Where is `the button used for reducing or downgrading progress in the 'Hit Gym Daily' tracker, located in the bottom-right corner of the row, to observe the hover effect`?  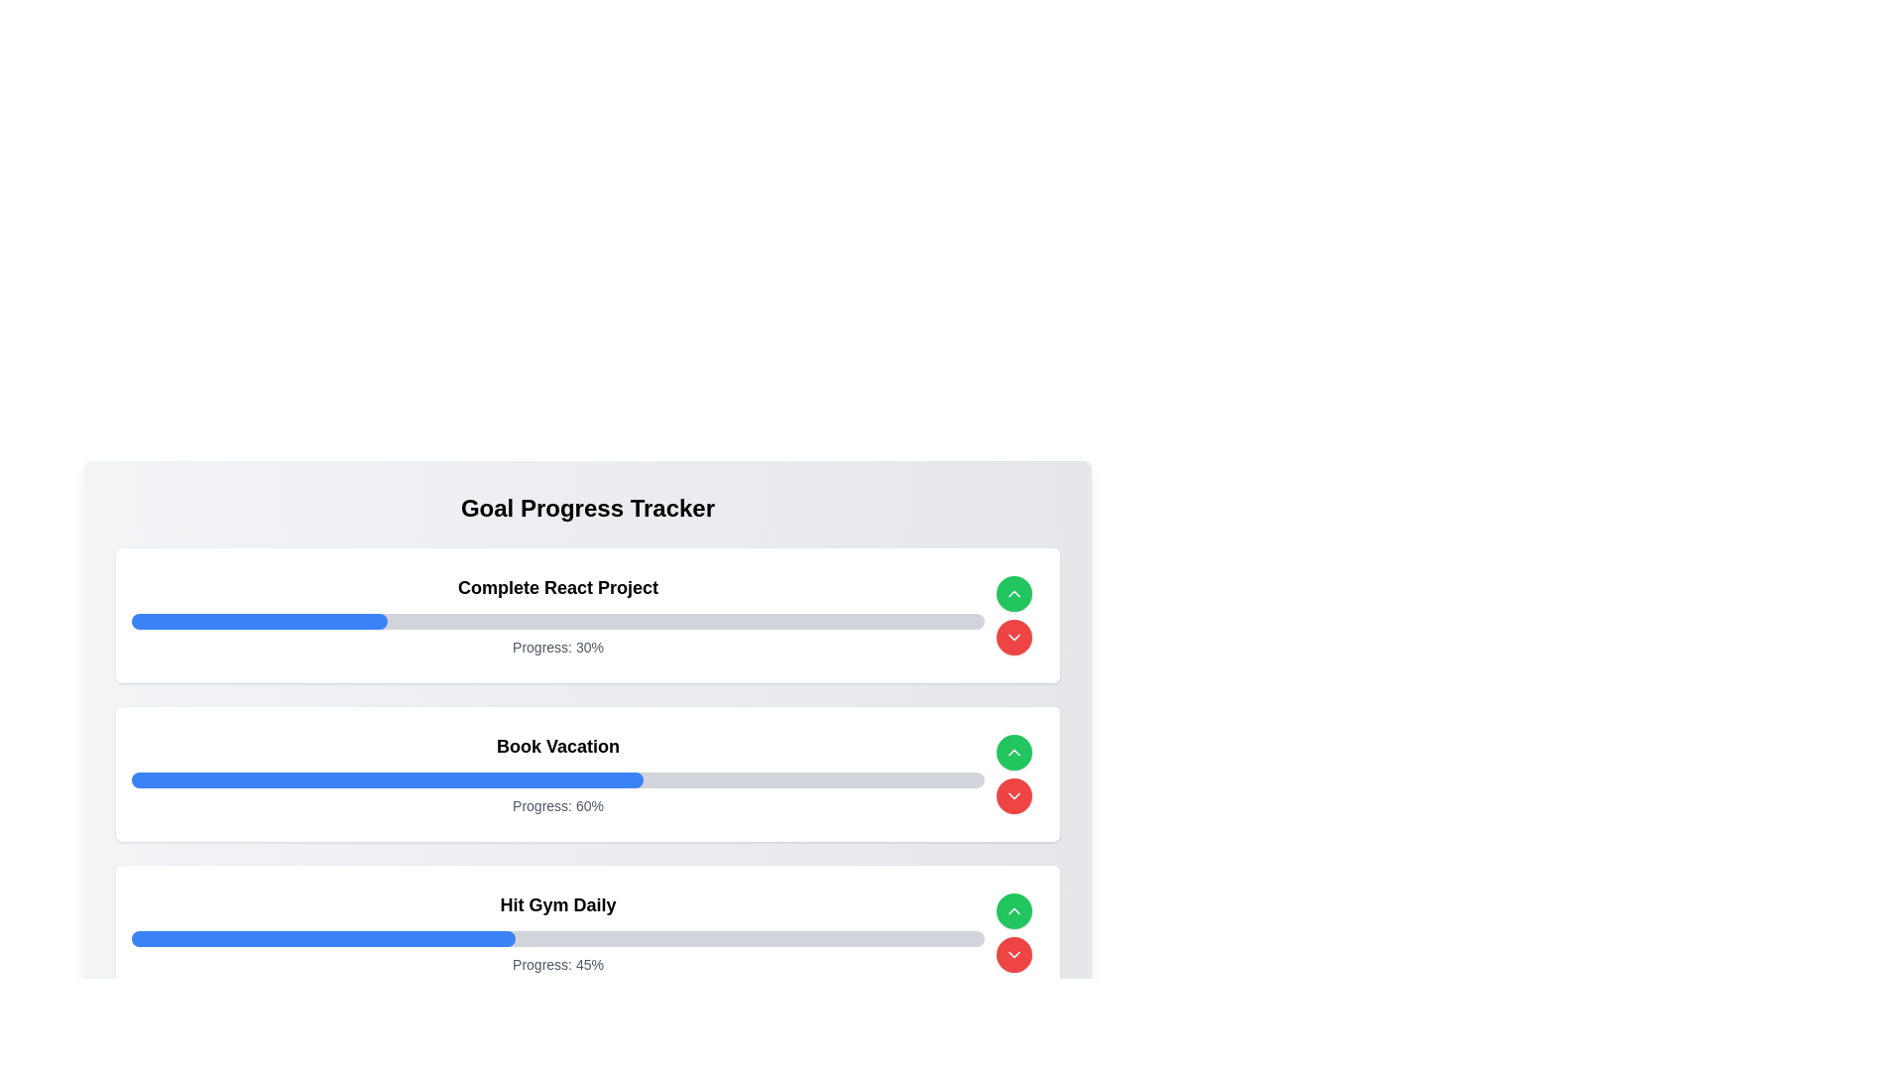
the button used for reducing or downgrading progress in the 'Hit Gym Daily' tracker, located in the bottom-right corner of the row, to observe the hover effect is located at coordinates (1013, 954).